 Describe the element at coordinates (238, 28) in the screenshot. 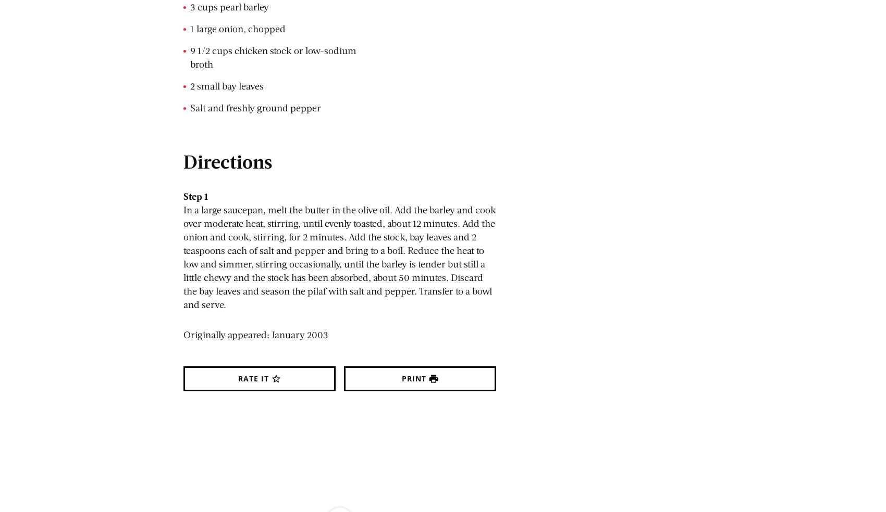

I see `'1 large onion, chopped'` at that location.